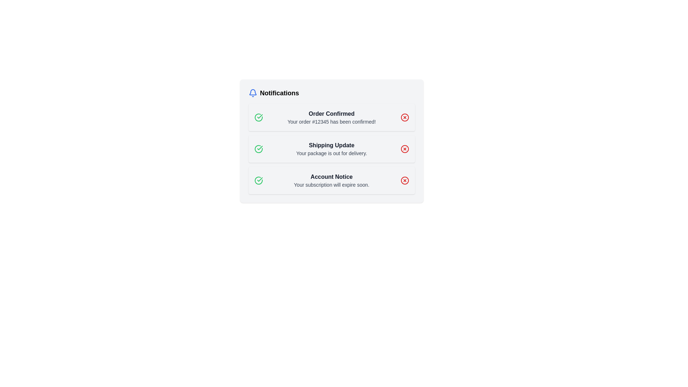 This screenshot has width=688, height=387. Describe the element at coordinates (258, 149) in the screenshot. I see `the visual indicator icon for the 'Shipping Update' notification, which is located in the second row of the notification list, to the left of the text label` at that location.